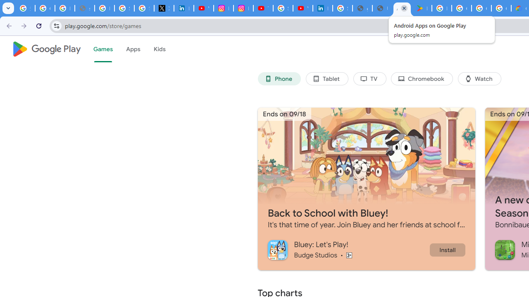  What do you see at coordinates (402, 8) in the screenshot?
I see `'Android Apps on Google Play'` at bounding box center [402, 8].